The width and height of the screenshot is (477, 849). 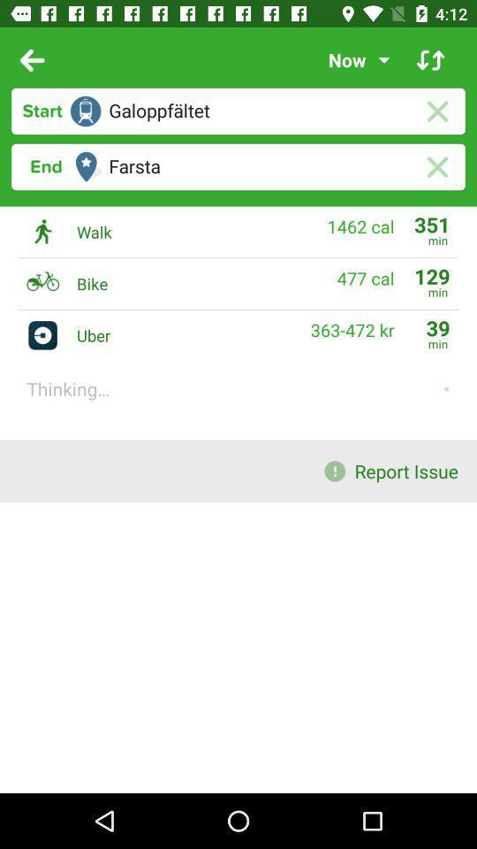 What do you see at coordinates (436, 167) in the screenshot?
I see `the close icon` at bounding box center [436, 167].